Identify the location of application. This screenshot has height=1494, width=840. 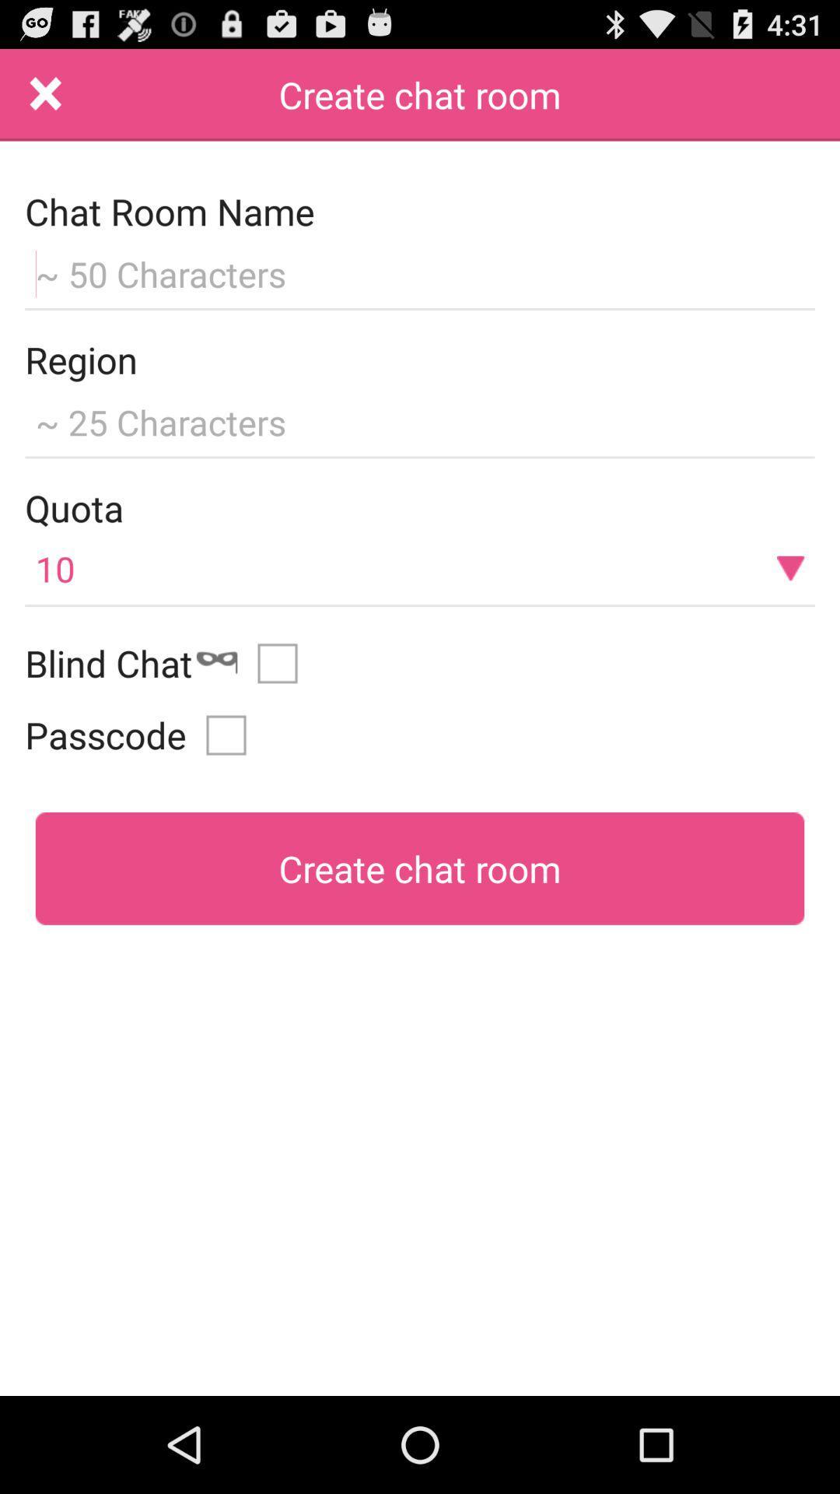
(45, 94).